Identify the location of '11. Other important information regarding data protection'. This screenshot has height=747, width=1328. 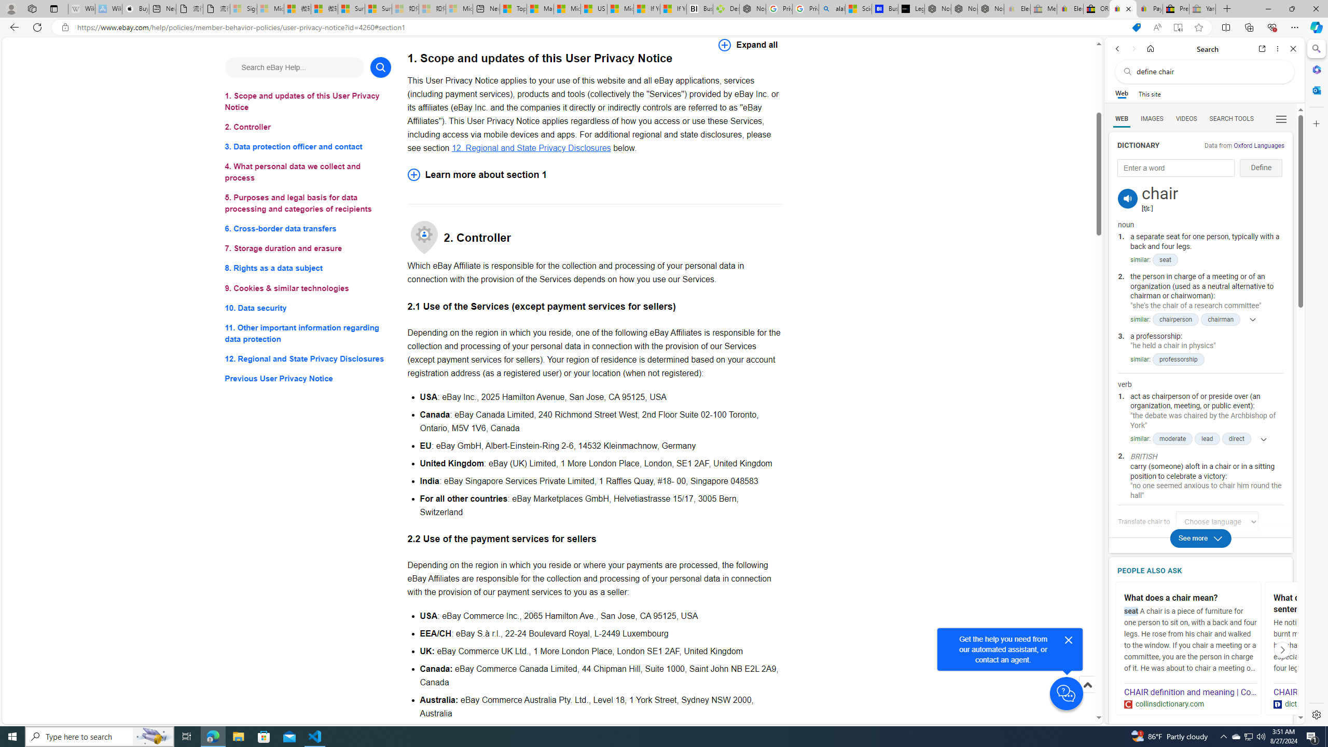
(307, 333).